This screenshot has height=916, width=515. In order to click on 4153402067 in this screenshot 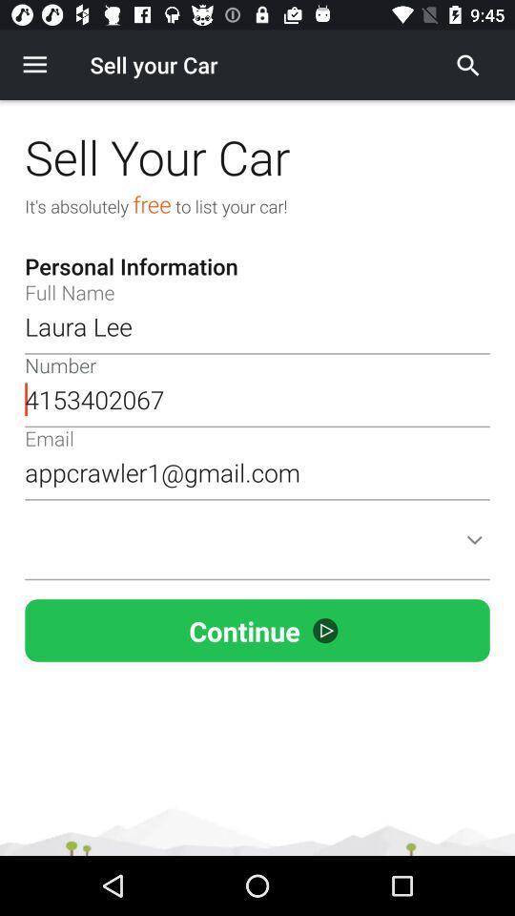, I will do `click(257, 398)`.